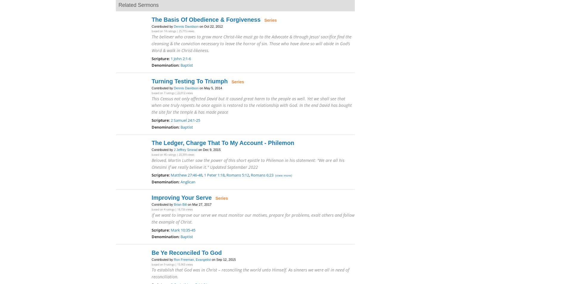  What do you see at coordinates (185, 31) in the screenshot?
I see `'| 25,715 views'` at bounding box center [185, 31].